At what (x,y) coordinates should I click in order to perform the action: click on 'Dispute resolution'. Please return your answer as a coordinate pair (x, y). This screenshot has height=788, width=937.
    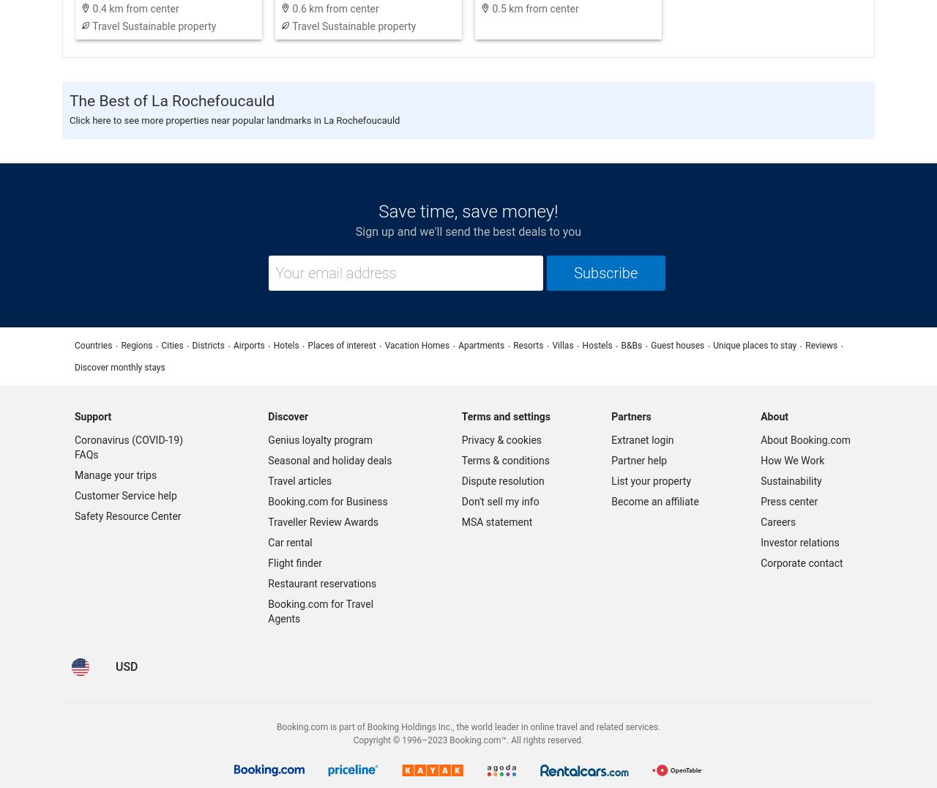
    Looking at the image, I should click on (502, 480).